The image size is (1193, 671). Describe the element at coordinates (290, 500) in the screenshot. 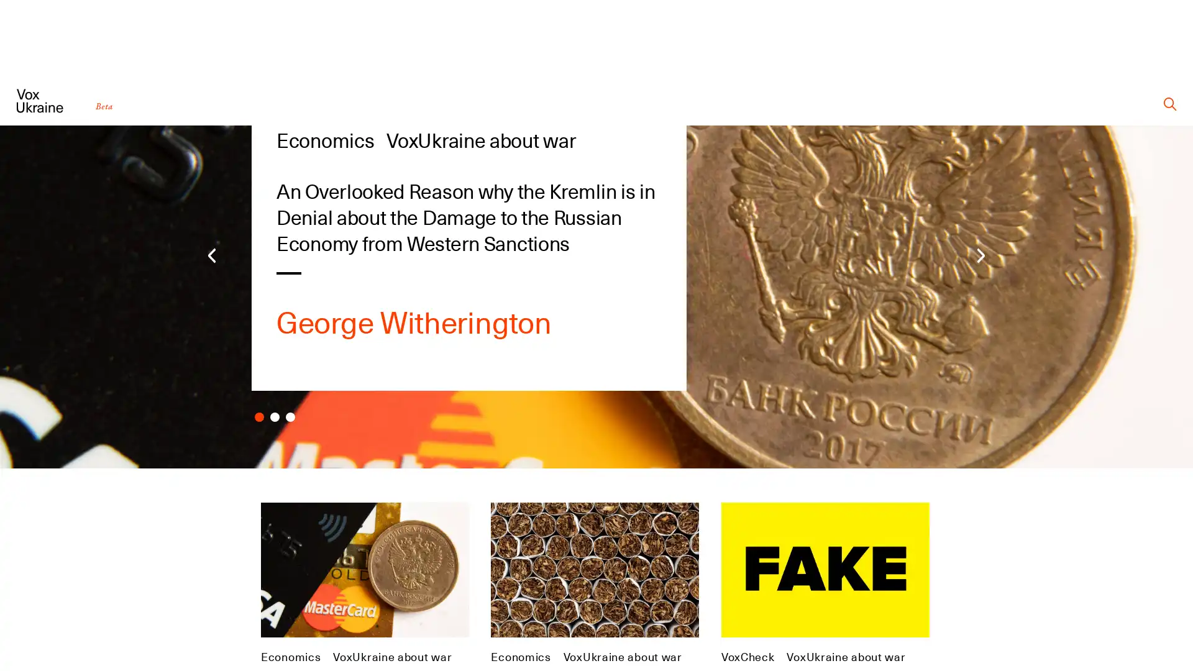

I see `Carousel Page 3` at that location.